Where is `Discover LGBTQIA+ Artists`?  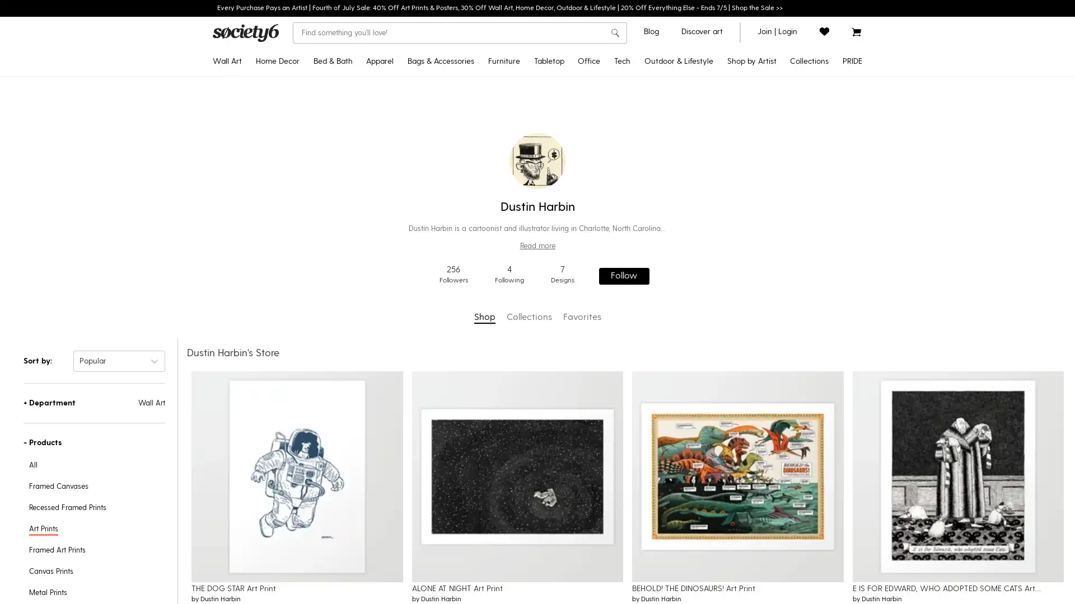
Discover LGBTQIA+ Artists is located at coordinates (721, 179).